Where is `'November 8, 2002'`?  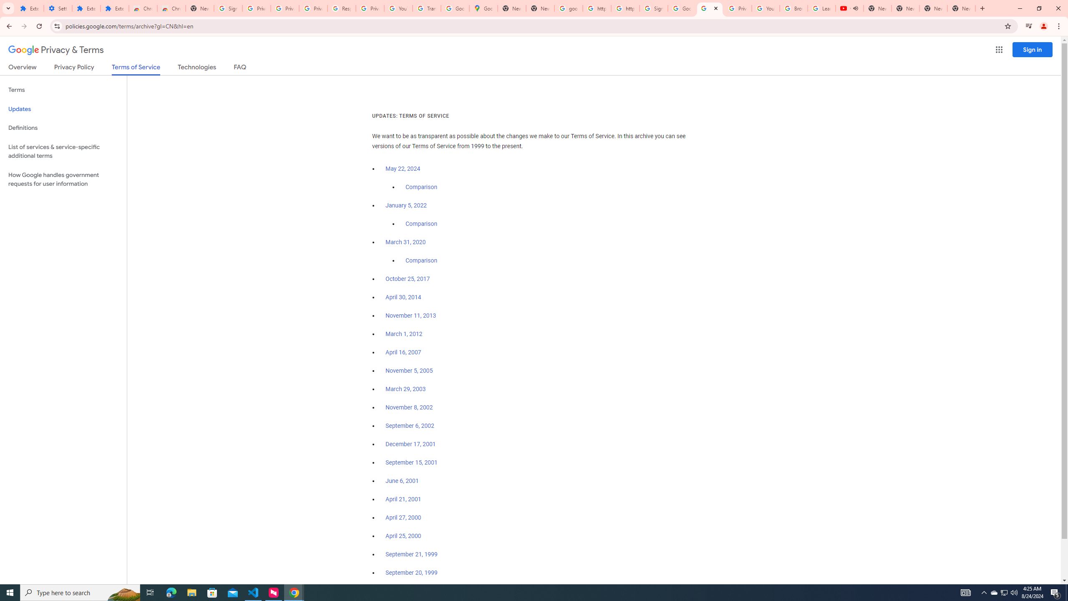
'November 8, 2002' is located at coordinates (408, 407).